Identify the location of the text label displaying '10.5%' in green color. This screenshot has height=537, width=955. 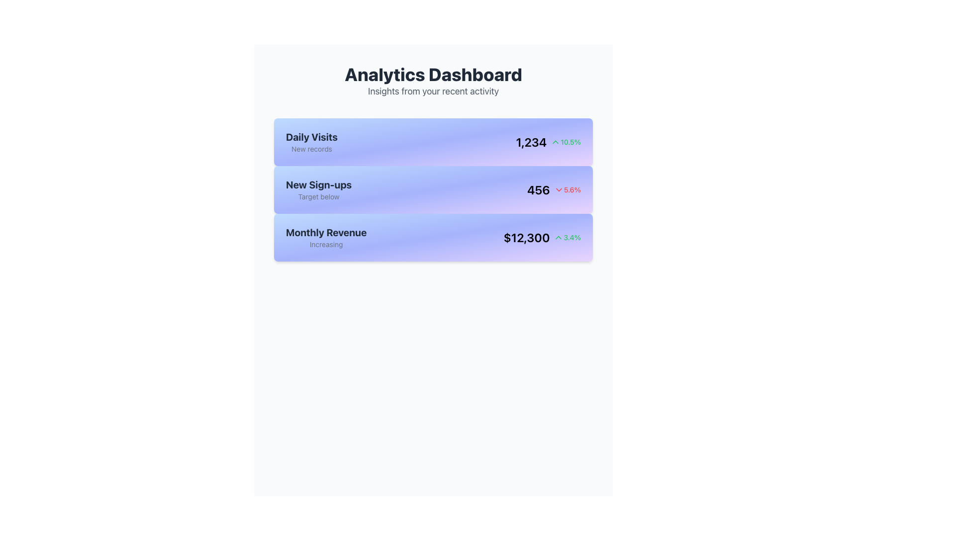
(571, 142).